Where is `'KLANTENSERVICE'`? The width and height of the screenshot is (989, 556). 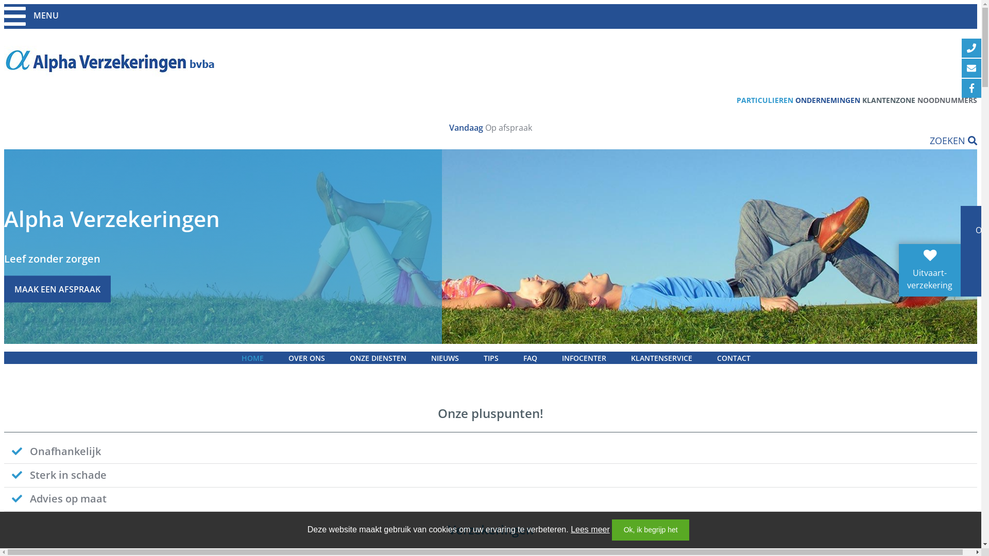
'KLANTENSERVICE' is located at coordinates (618, 357).